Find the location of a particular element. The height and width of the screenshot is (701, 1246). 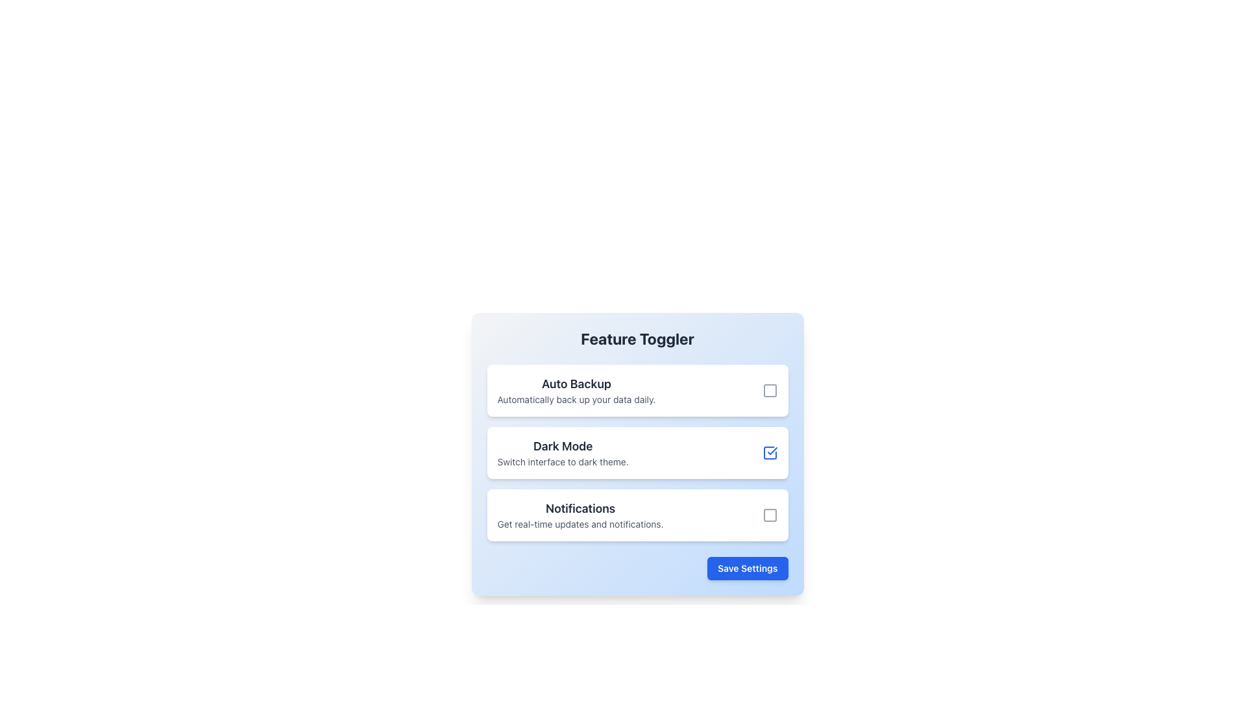

the 'Auto Backup' checkbox toggle button to observe potential hover effects is located at coordinates (770, 389).